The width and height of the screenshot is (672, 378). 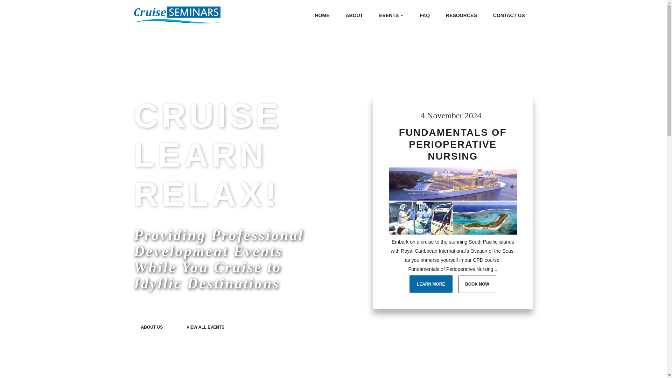 What do you see at coordinates (322, 15) in the screenshot?
I see `'HOME'` at bounding box center [322, 15].